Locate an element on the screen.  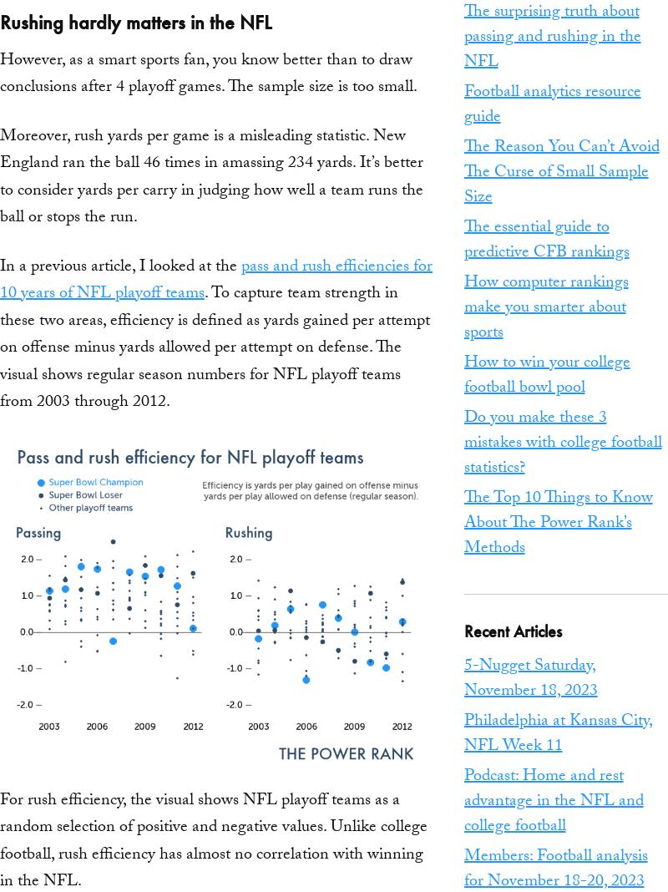
'The Top 10 Things to Know About The Power Rank’s Methods' is located at coordinates (558, 523).